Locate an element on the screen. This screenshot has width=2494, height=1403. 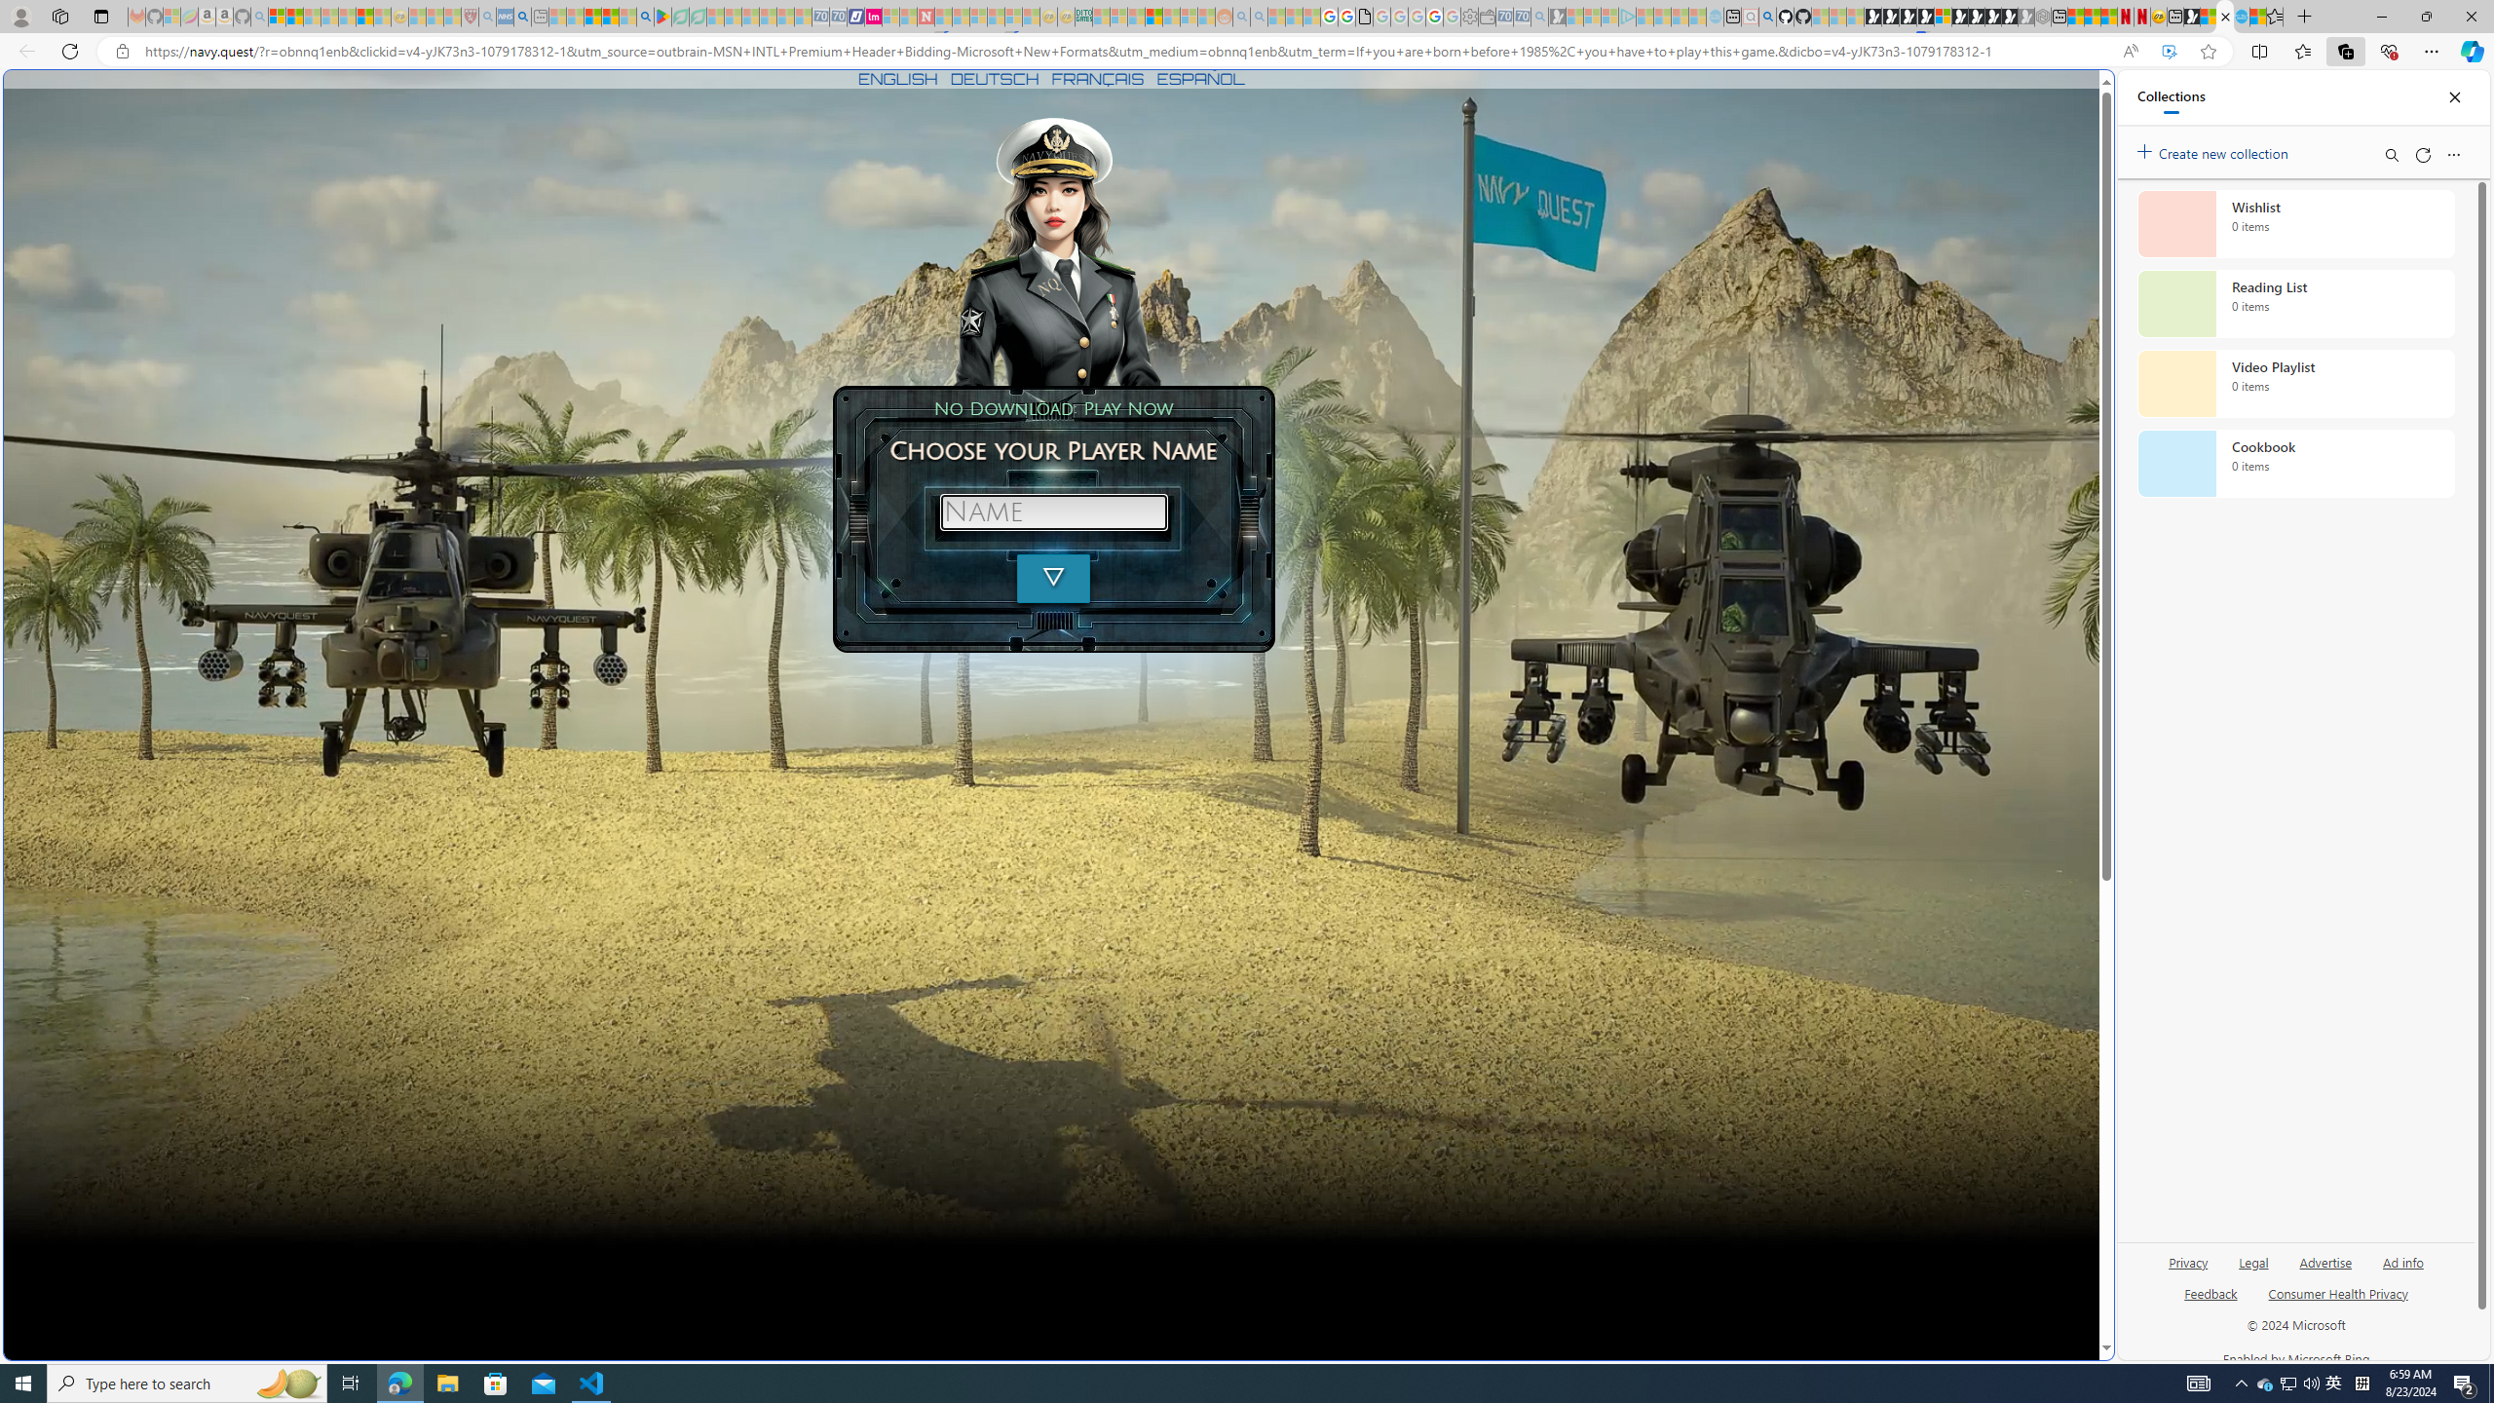
'Cookbook collection, 0 items' is located at coordinates (2295, 462).